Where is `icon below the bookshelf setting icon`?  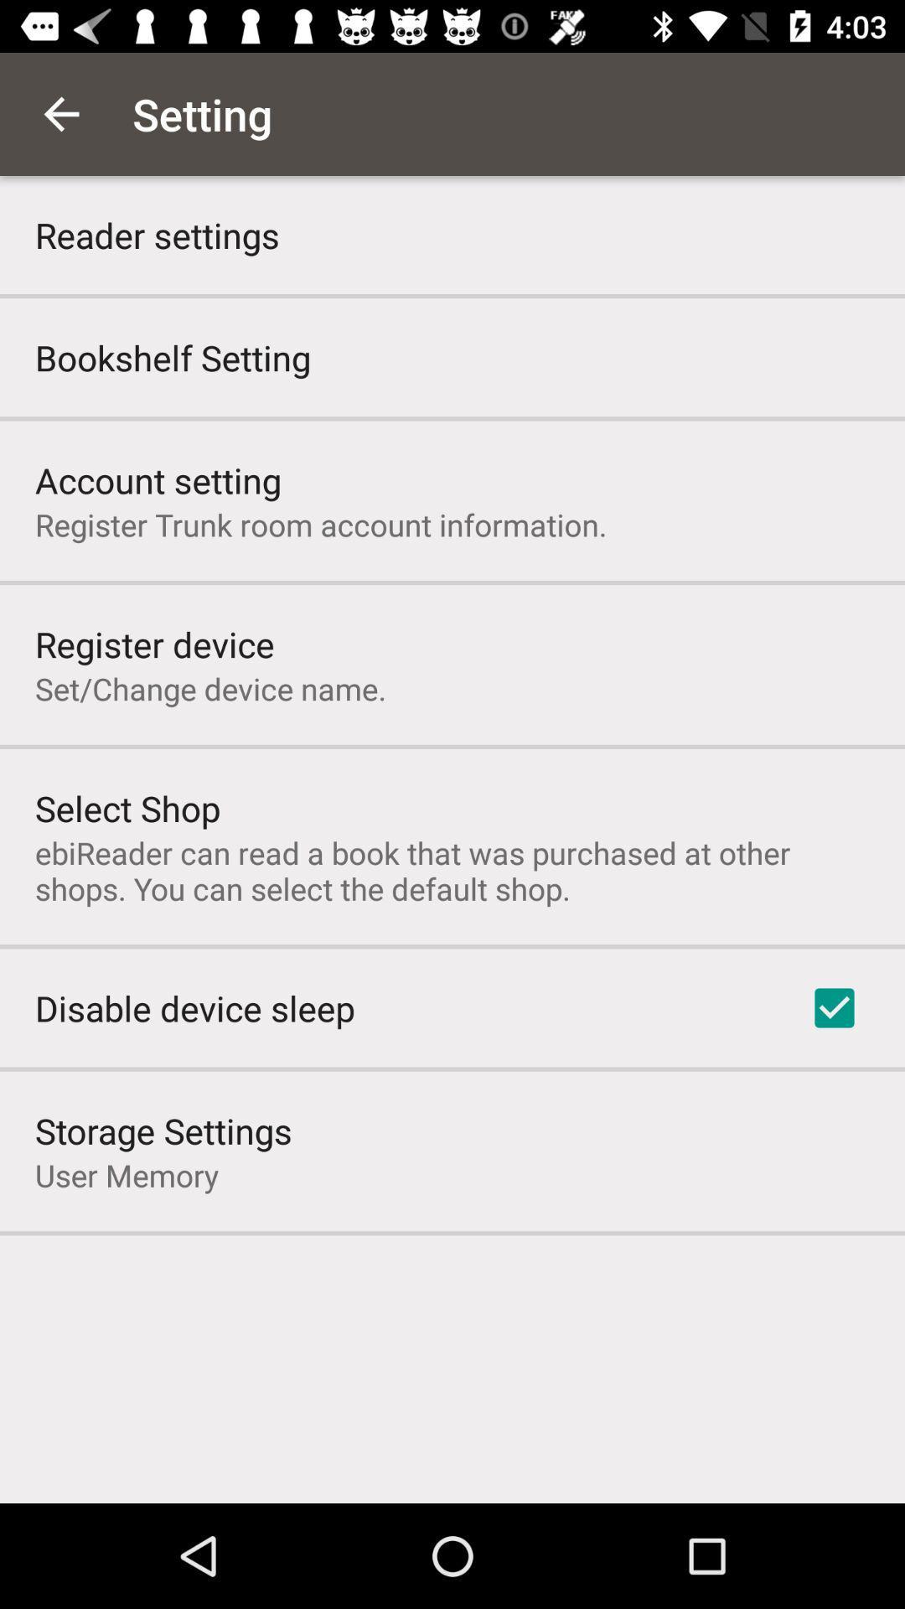
icon below the bookshelf setting icon is located at coordinates (158, 479).